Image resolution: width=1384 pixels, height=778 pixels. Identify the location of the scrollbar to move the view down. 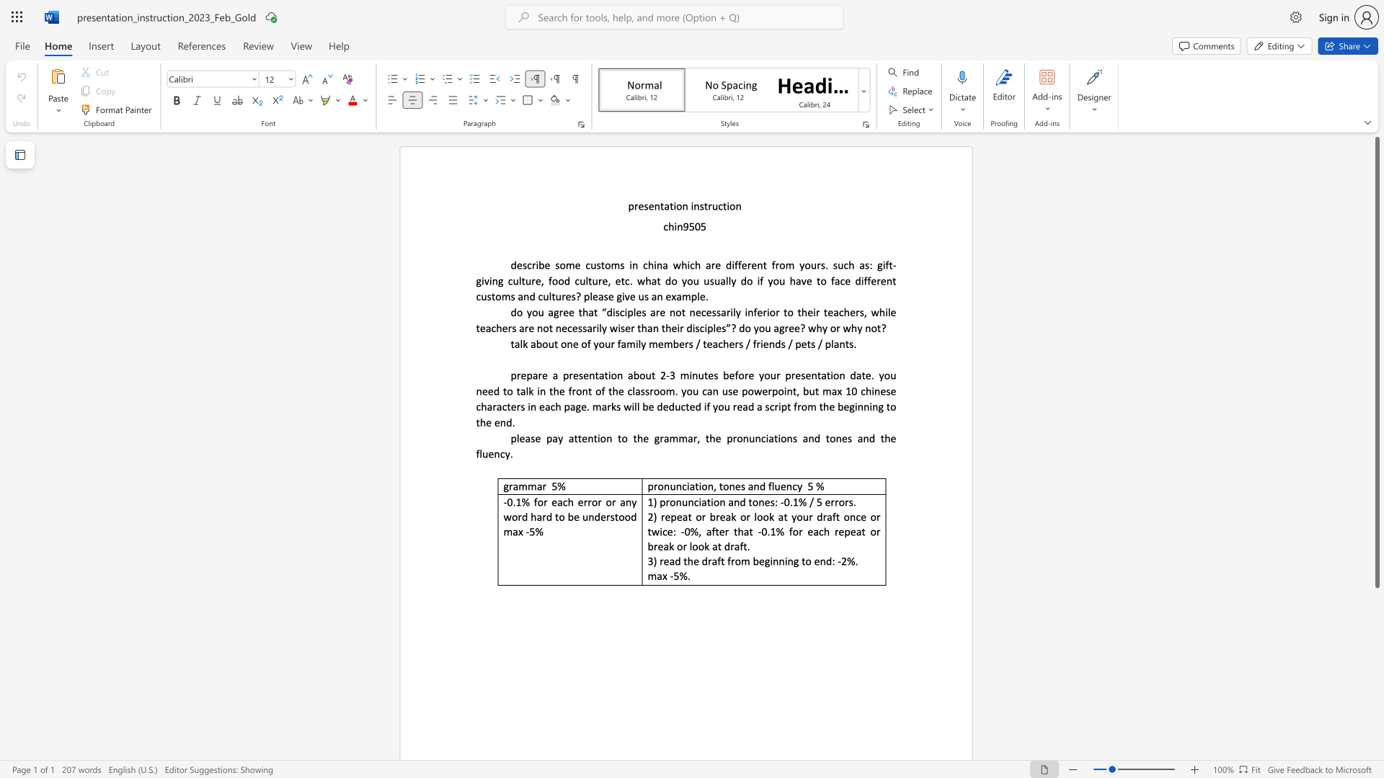
(1376, 683).